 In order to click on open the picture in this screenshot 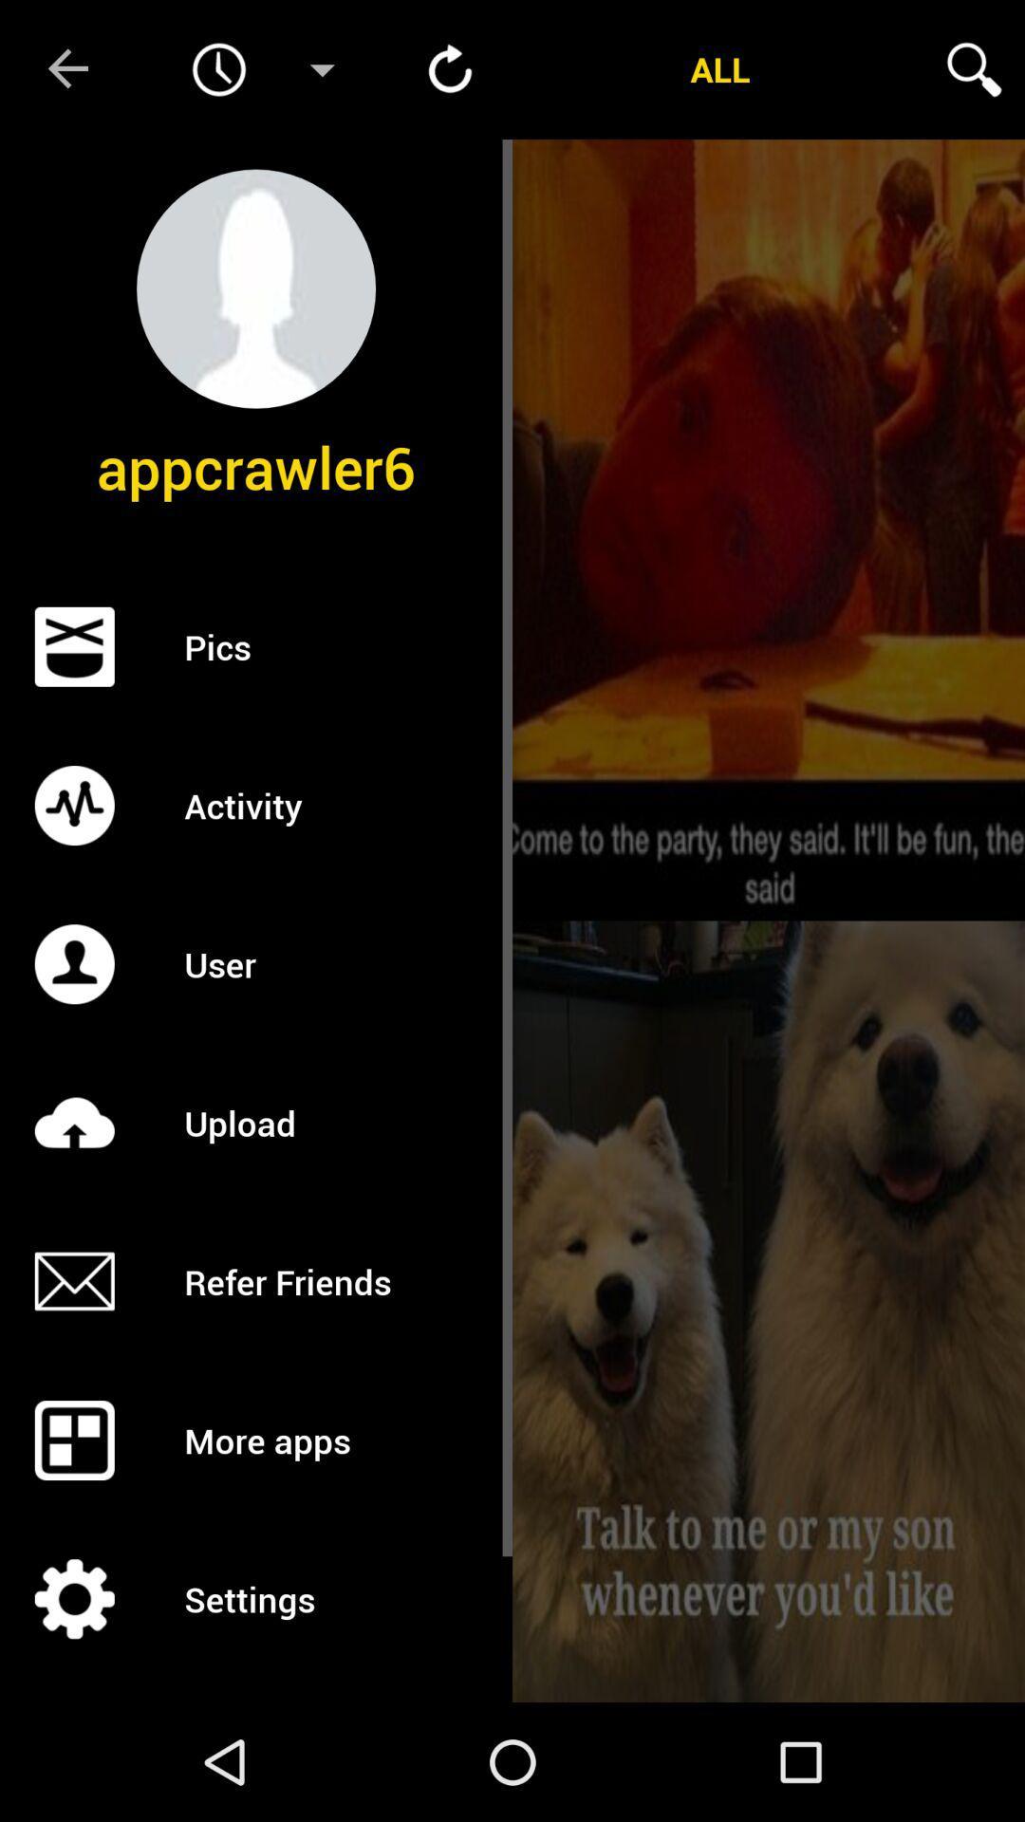, I will do `click(769, 530)`.